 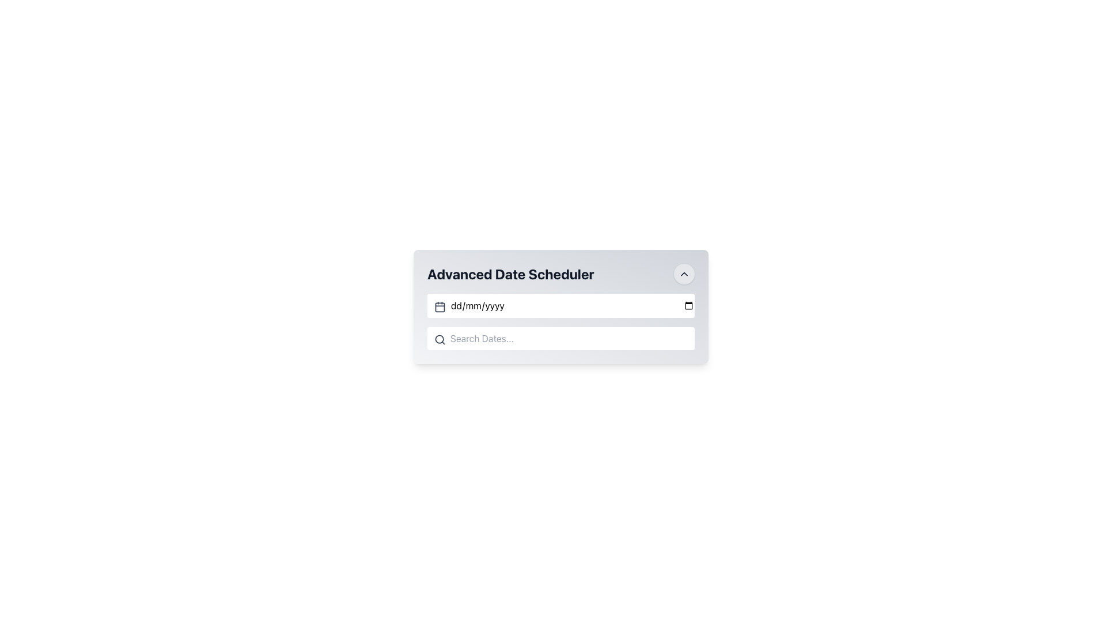 I want to click on the search icon, which is a minimal SVG graphic resembling a magnifying glass, located inside the text input field of the 'Advanced Date Scheduler' interface, to the left of the placeholder text 'Search Dates...', so click(x=439, y=339).